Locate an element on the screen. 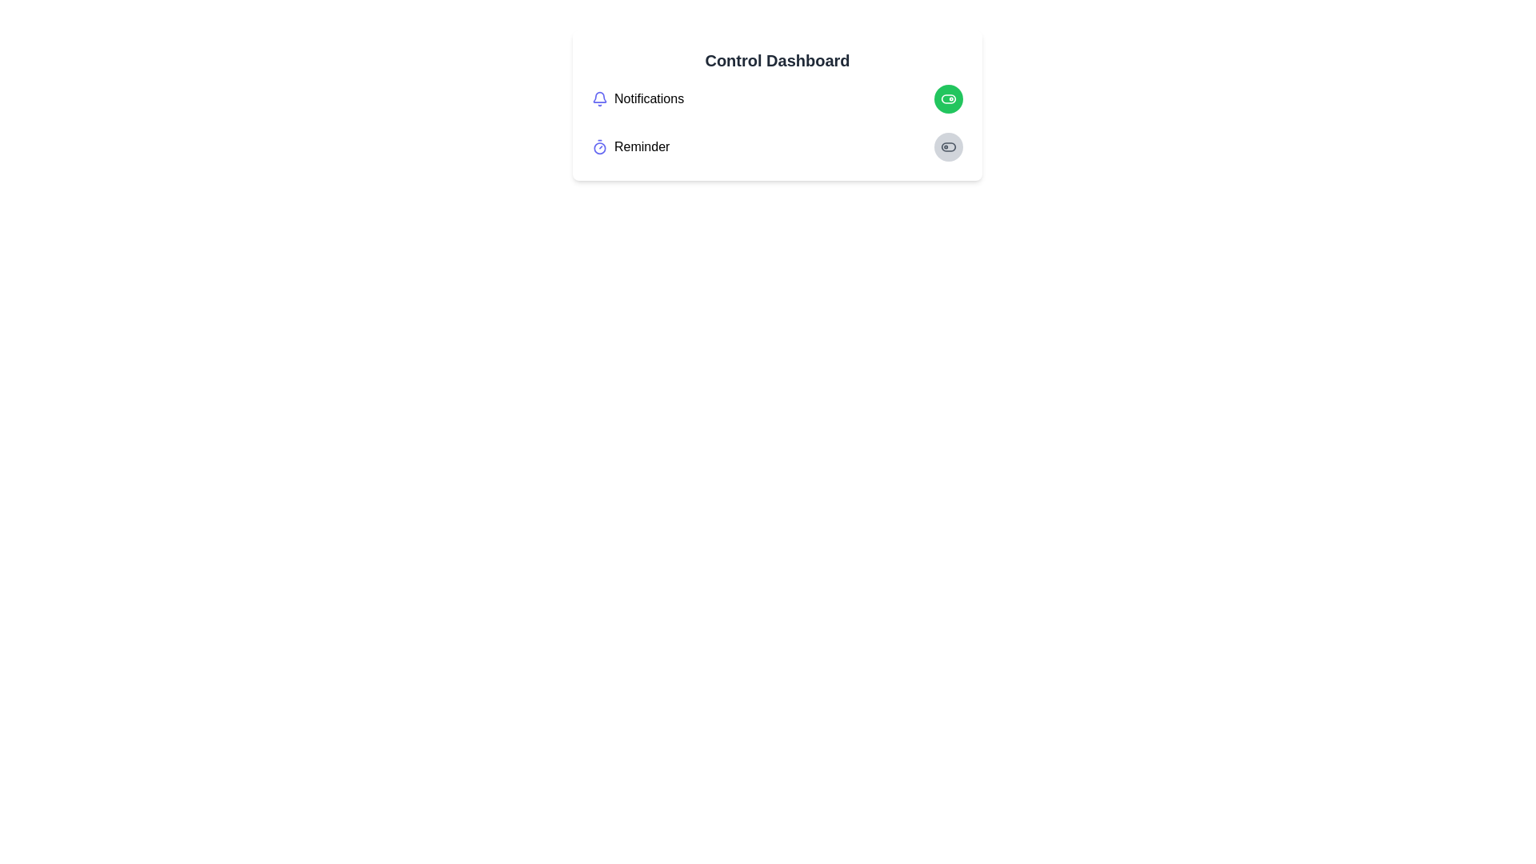 This screenshot has width=1536, height=864. the toggle switch for the 'Reminder' option located in the 'Control Dashboard' interface, which is the second toggle below 'Notifications' and right-aligned in the row labeled 'Reminder' is located at coordinates (948, 147).